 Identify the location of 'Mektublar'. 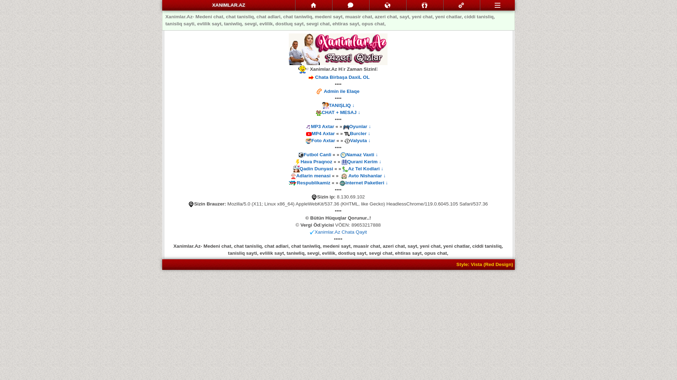
(387, 5).